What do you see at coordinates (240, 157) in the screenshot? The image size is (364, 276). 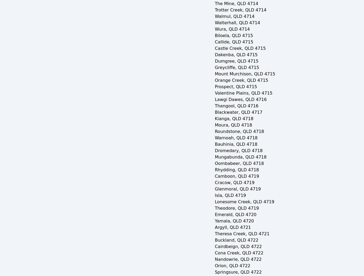 I see `'Mungabunda, QLD 4718'` at bounding box center [240, 157].